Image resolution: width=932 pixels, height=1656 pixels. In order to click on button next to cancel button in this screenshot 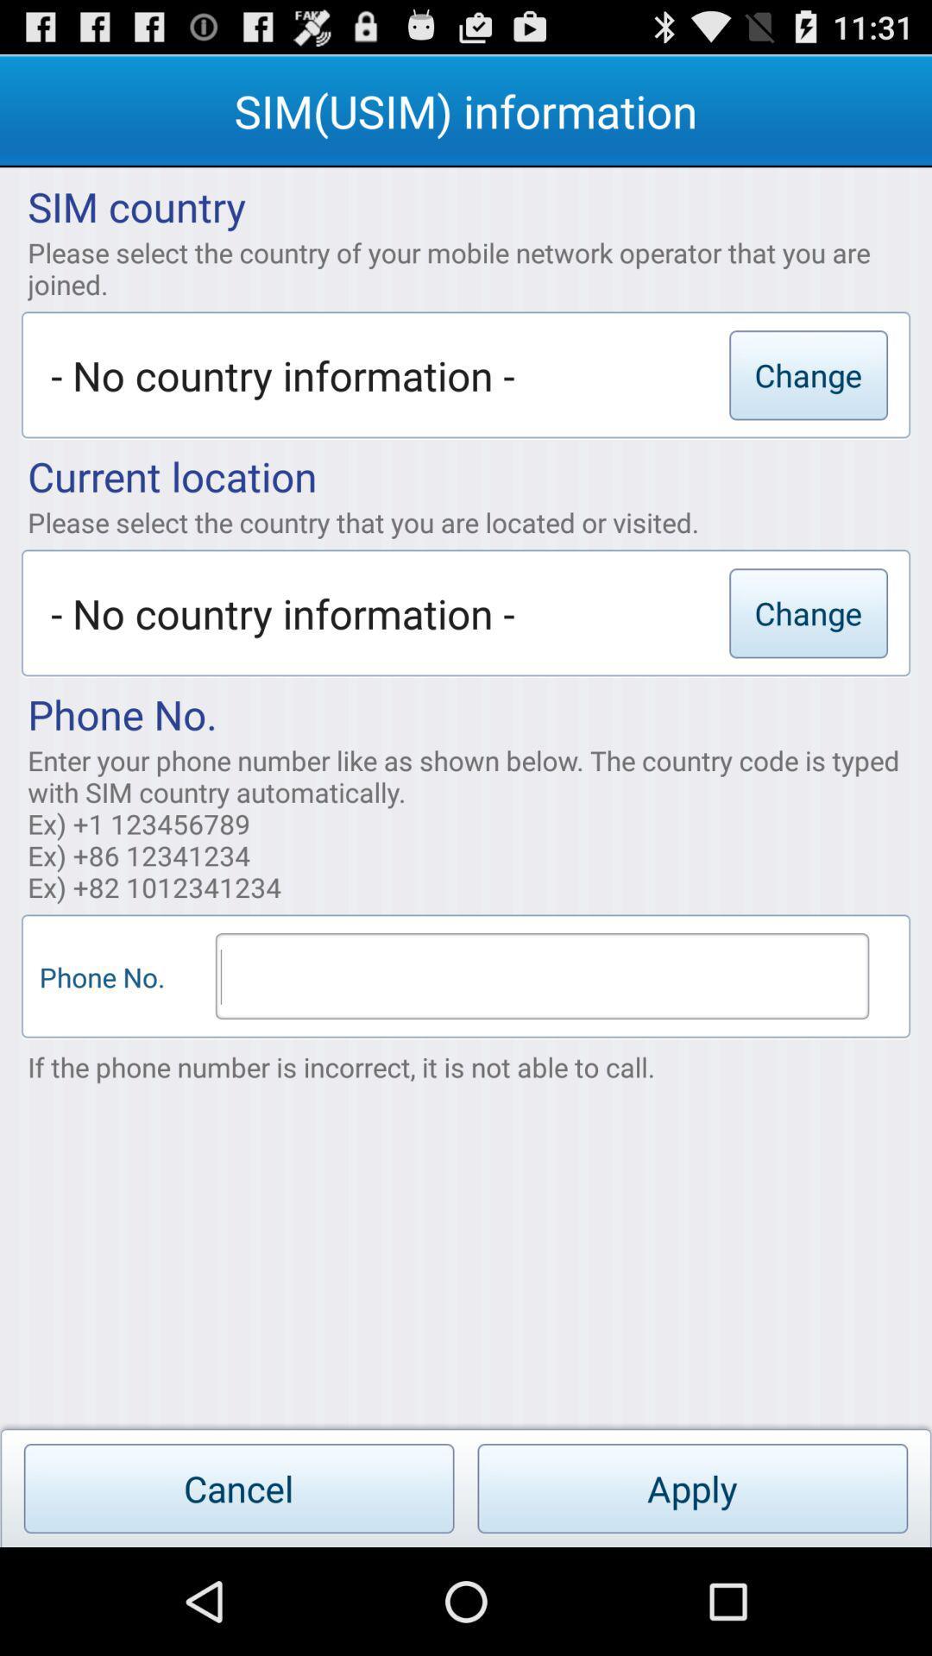, I will do `click(691, 1488)`.